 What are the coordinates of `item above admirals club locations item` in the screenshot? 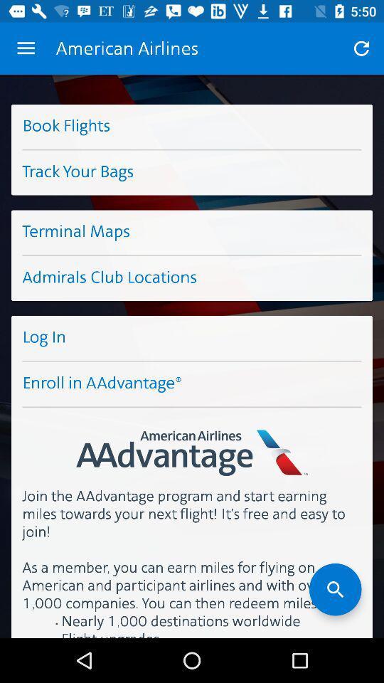 It's located at (192, 232).